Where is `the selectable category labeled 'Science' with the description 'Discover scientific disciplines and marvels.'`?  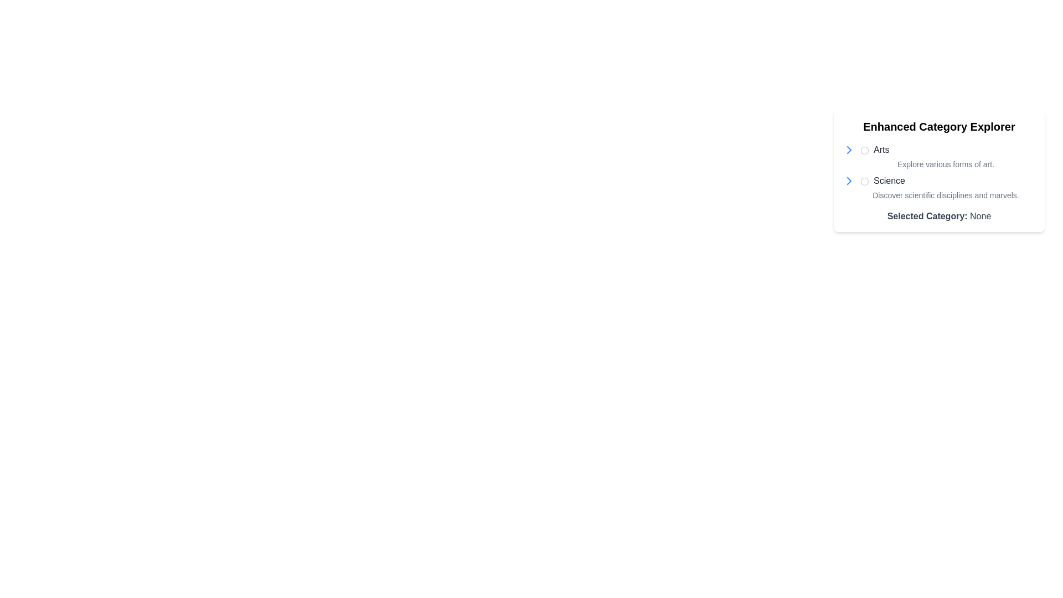 the selectable category labeled 'Science' with the description 'Discover scientific disciplines and marvels.' is located at coordinates (938, 187).